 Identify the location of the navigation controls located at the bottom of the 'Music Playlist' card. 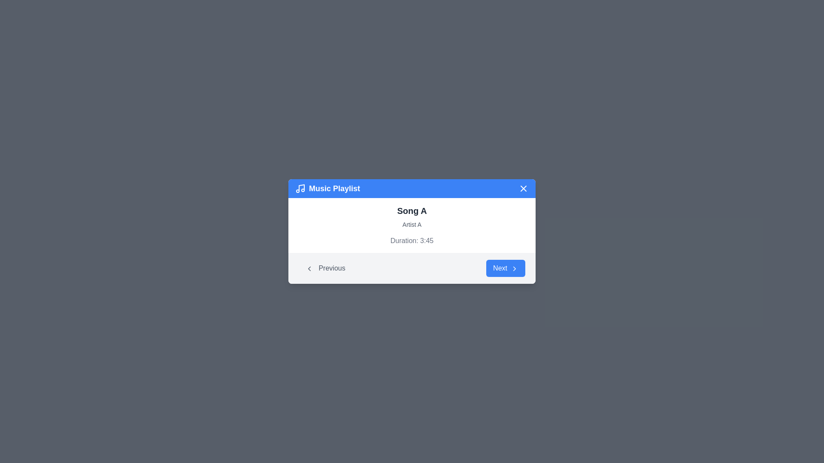
(412, 268).